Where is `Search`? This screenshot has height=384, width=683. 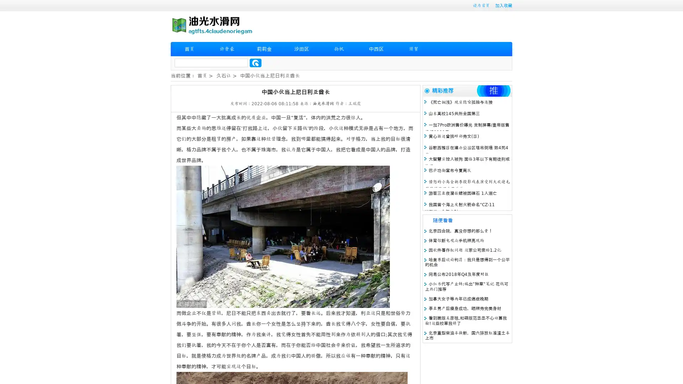
Search is located at coordinates (255, 63).